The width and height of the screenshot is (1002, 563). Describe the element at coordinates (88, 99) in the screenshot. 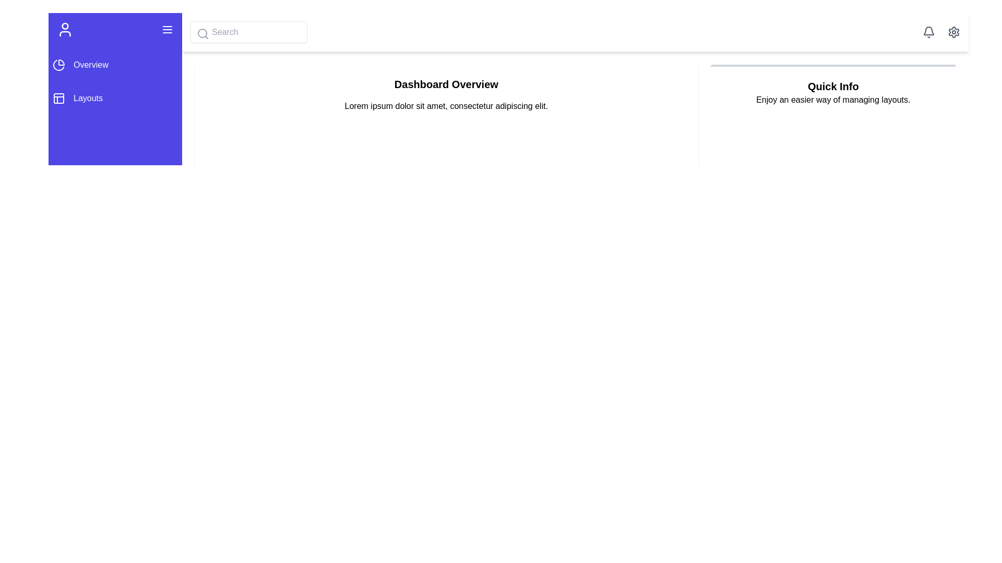

I see `the non-interactive text label displaying 'Layouts' in the vertical navigation menu, located below the 'Overview' menu item` at that location.